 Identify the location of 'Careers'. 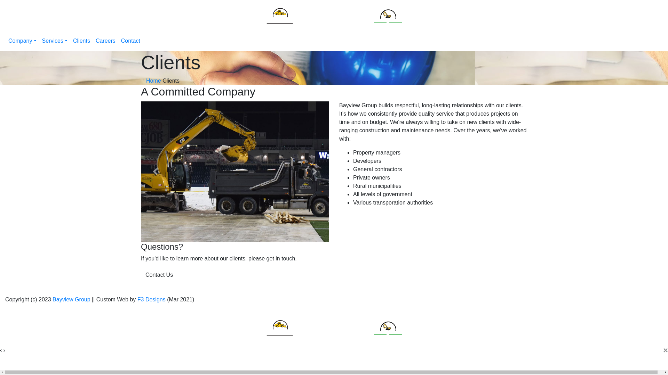
(93, 41).